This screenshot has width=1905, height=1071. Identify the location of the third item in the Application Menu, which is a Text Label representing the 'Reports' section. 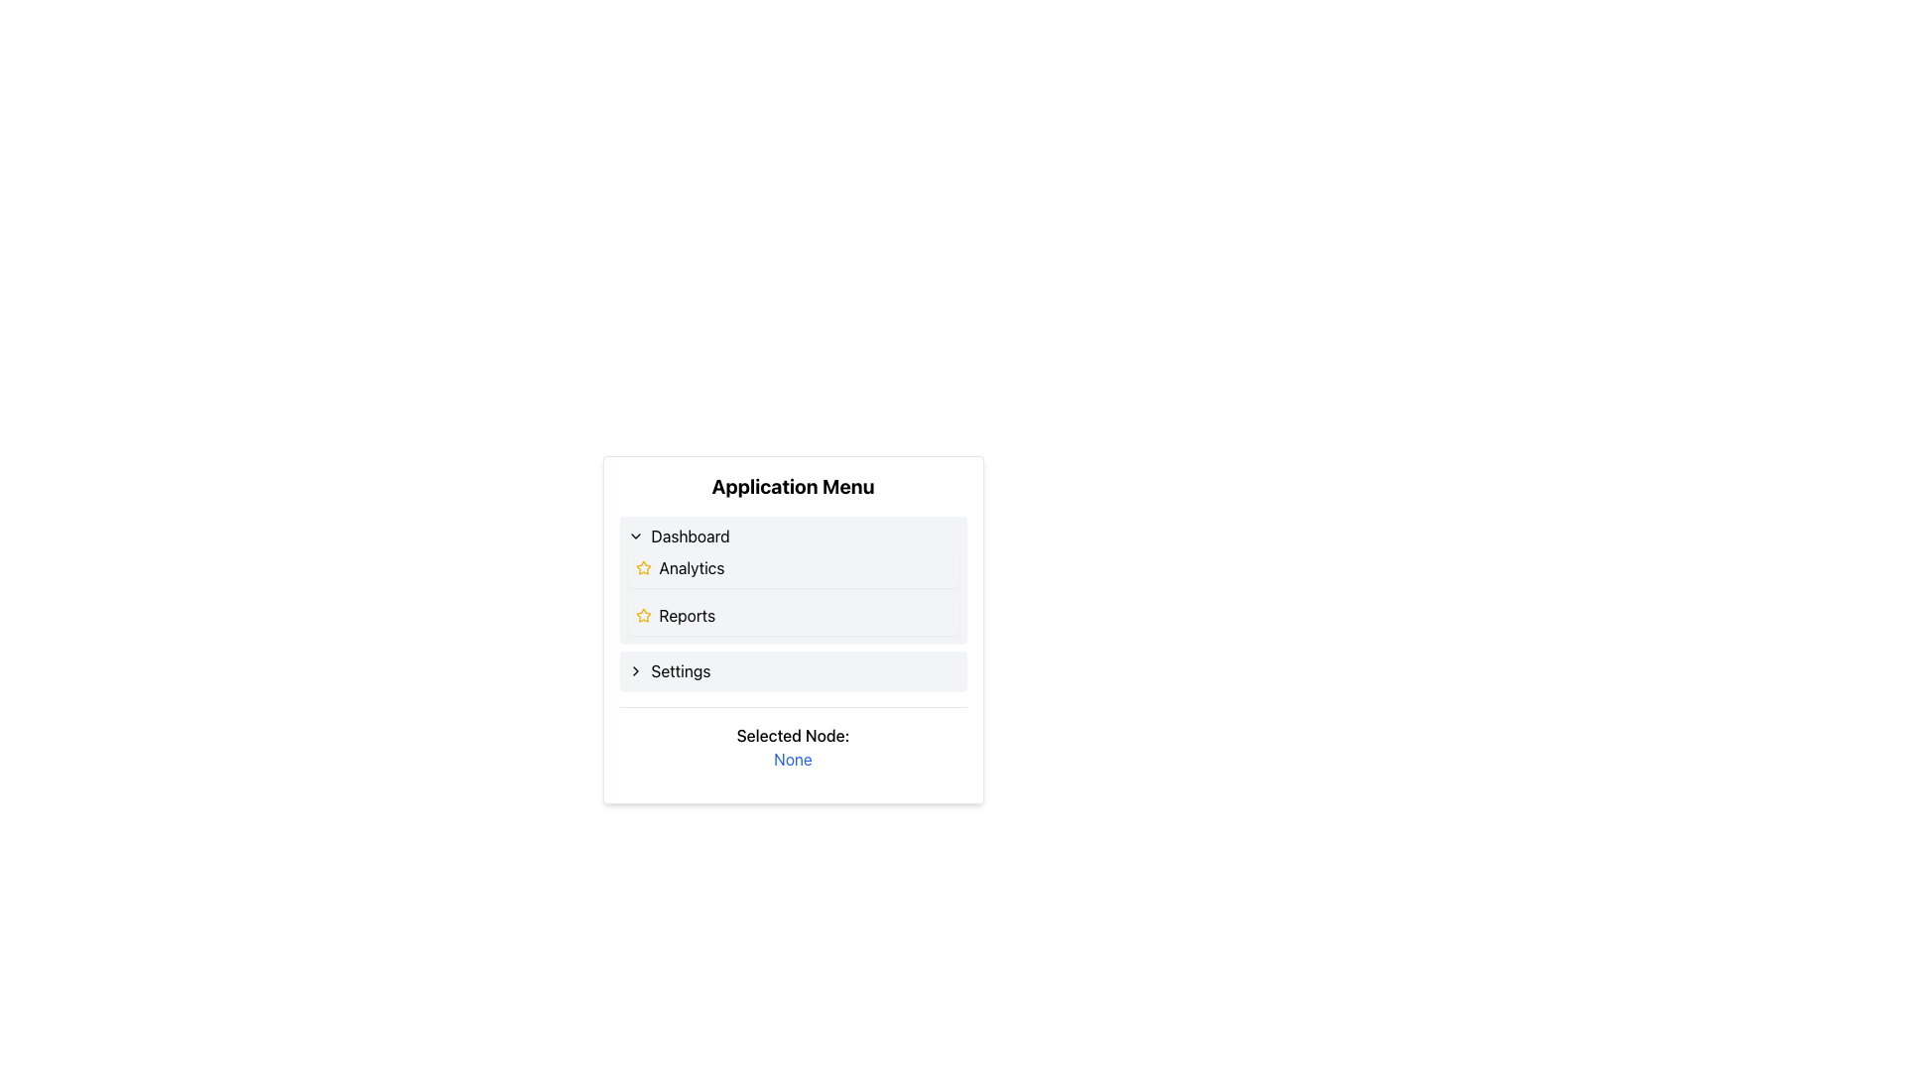
(687, 615).